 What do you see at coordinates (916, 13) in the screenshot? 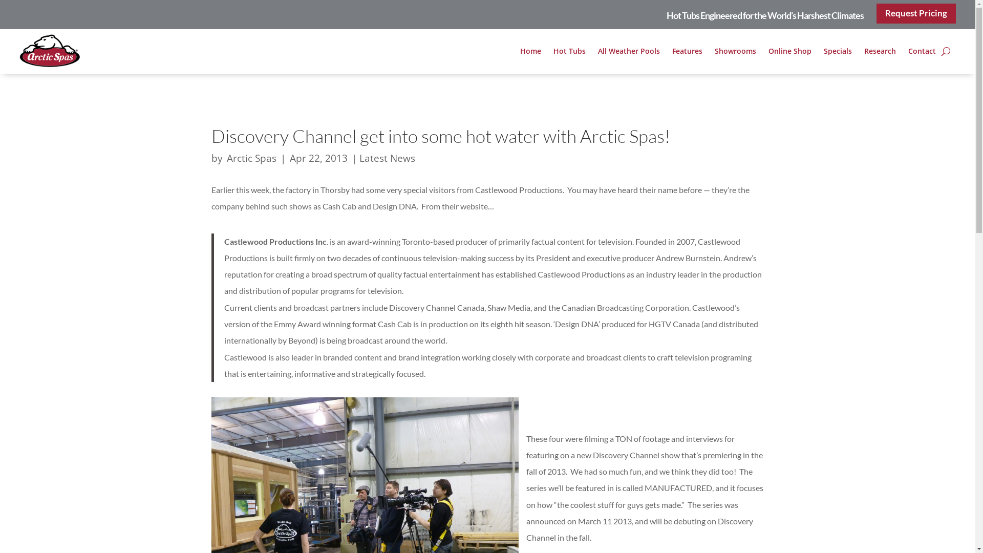
I see `'Request Pricing'` at bounding box center [916, 13].